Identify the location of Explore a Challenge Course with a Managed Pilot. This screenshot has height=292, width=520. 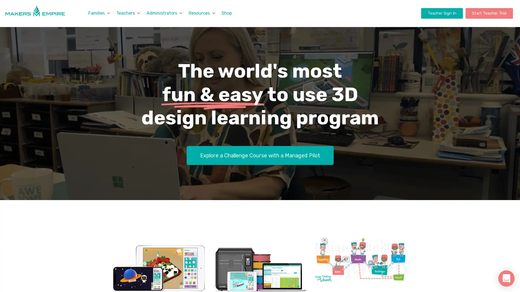
(259, 155).